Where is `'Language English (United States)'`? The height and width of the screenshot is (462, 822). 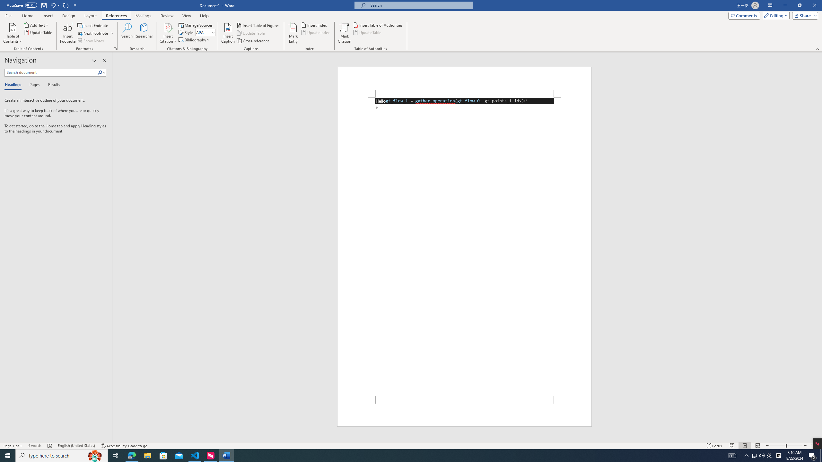 'Language English (United States)' is located at coordinates (76, 446).